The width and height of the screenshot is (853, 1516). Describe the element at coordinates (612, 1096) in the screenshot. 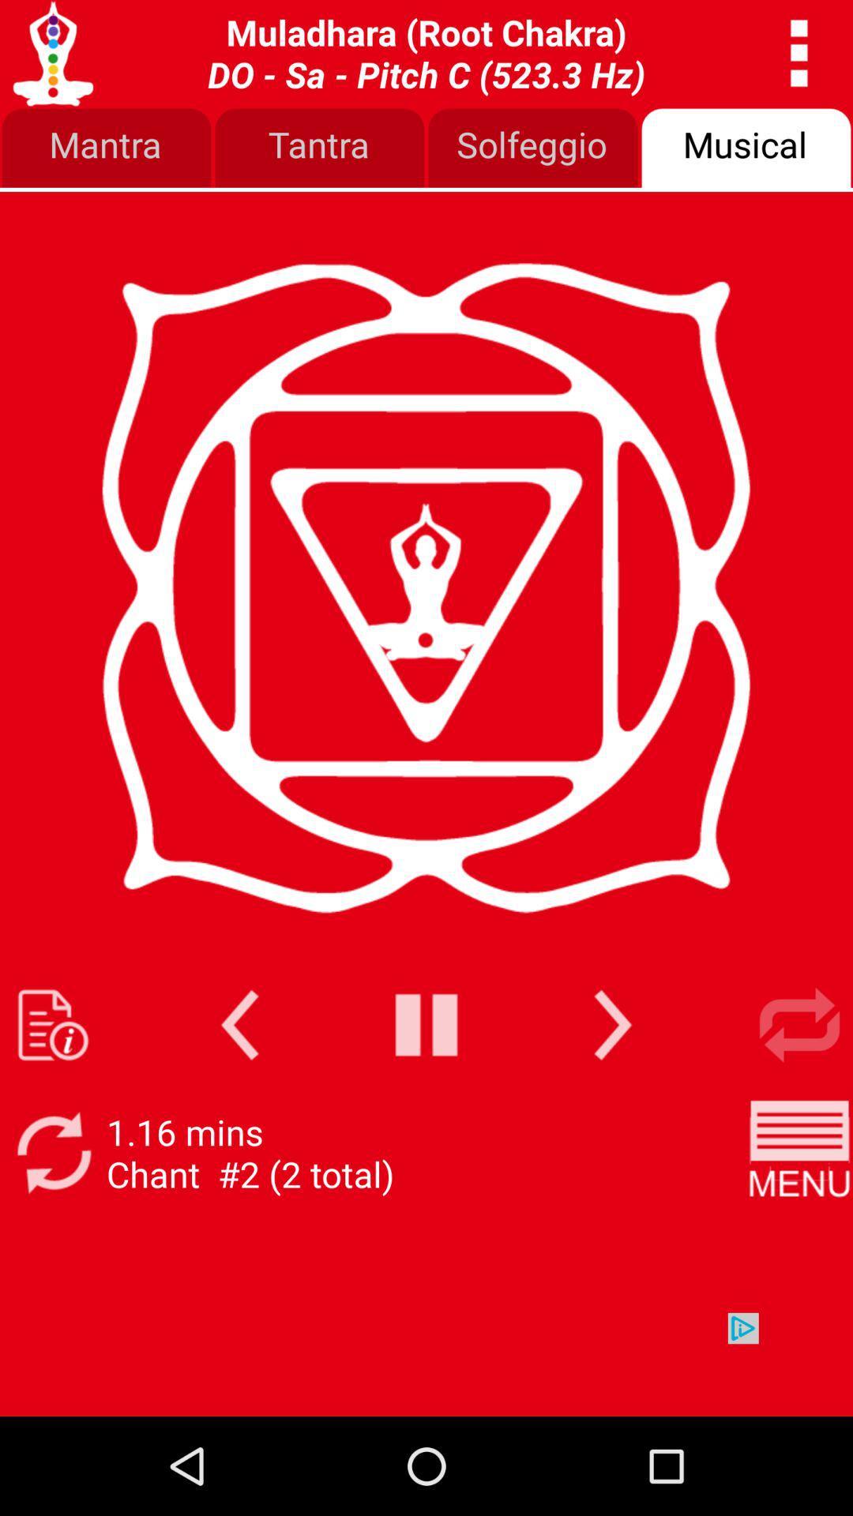

I see `the arrow_forward icon` at that location.